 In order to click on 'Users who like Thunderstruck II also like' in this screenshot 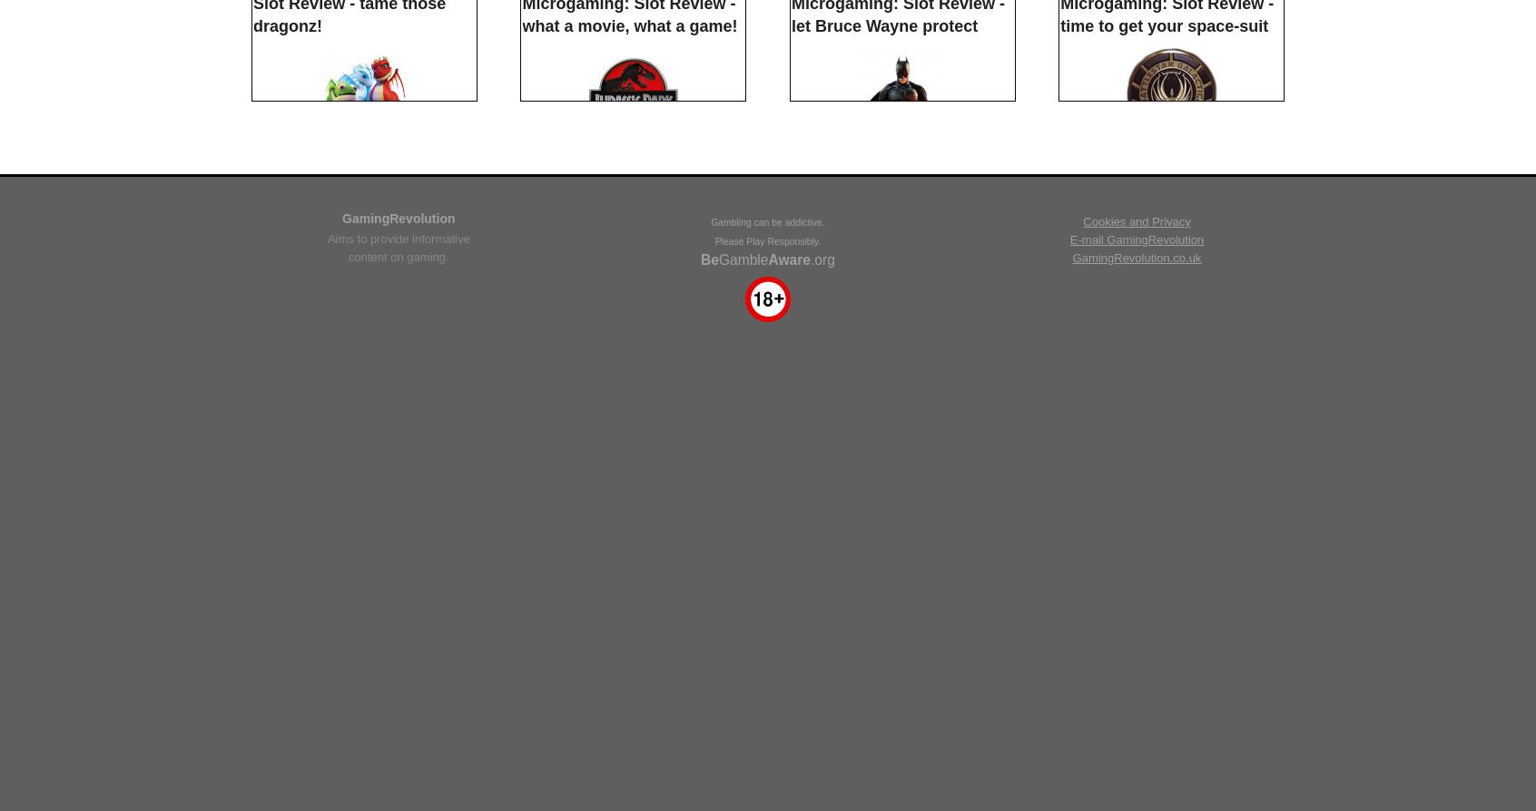, I will do `click(411, 171)`.